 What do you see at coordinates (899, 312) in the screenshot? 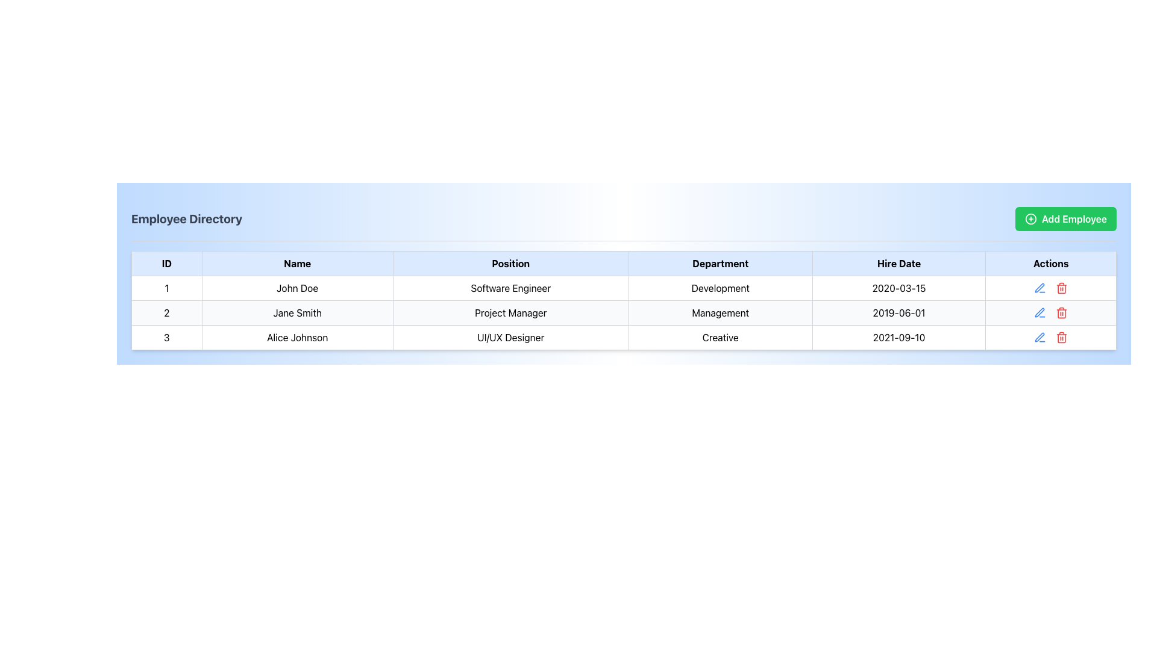
I see `the Text Display cell showing the date '2019-06-01' located in the fifth column of the second row under the 'Hire Date' column` at bounding box center [899, 312].